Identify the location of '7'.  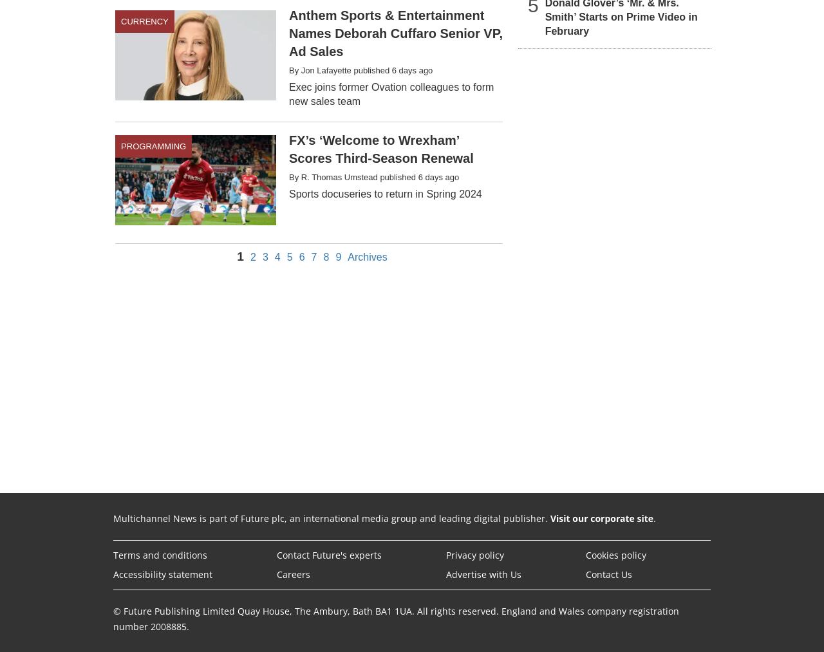
(310, 256).